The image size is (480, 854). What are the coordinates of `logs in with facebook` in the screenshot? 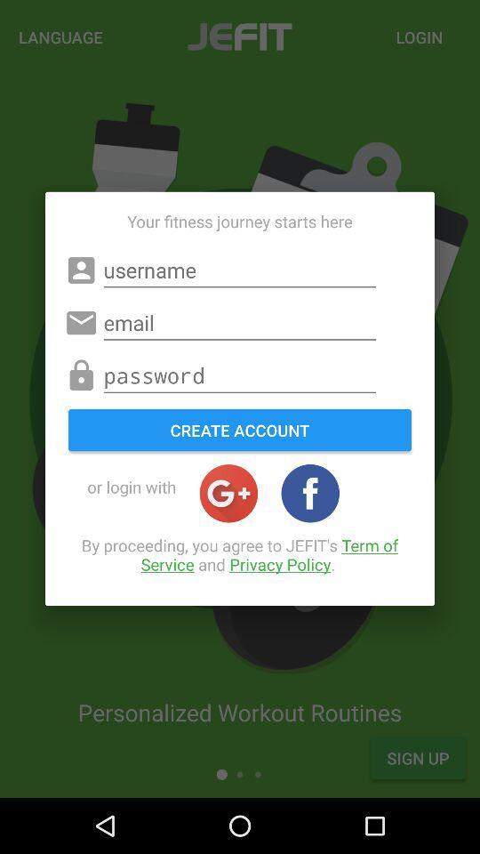 It's located at (309, 493).